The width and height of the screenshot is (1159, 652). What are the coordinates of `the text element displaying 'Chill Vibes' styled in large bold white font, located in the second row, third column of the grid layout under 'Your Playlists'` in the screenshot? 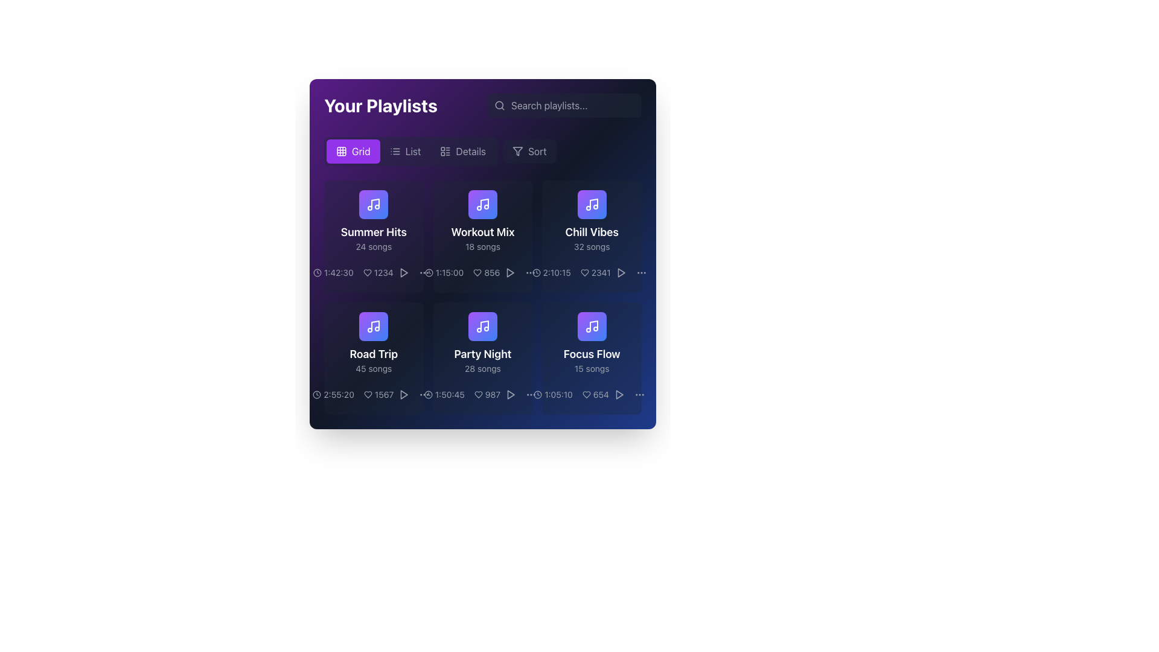 It's located at (592, 232).